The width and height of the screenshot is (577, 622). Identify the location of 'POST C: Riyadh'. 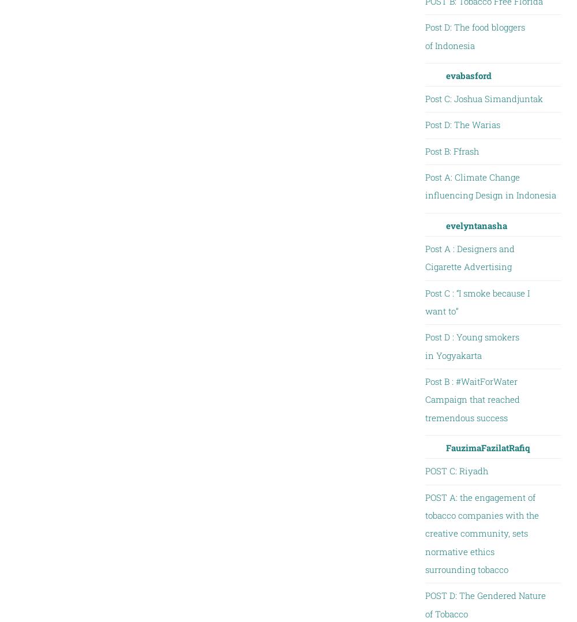
(456, 471).